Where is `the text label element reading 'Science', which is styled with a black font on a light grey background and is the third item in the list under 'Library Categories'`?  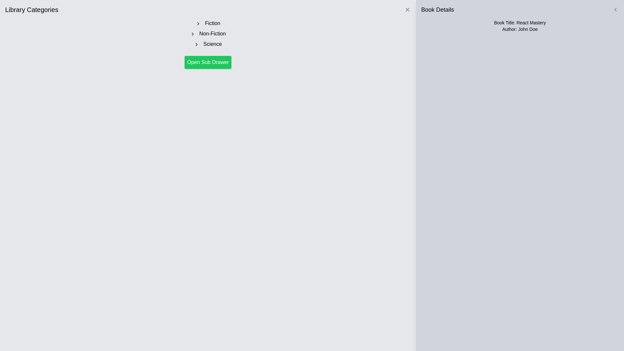
the text label element reading 'Science', which is styled with a black font on a light grey background and is the third item in the list under 'Library Categories' is located at coordinates (207, 44).